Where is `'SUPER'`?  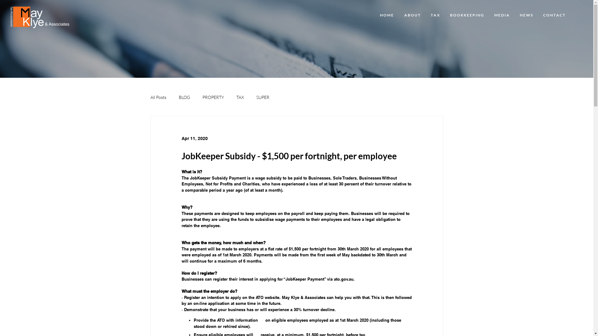
'SUPER' is located at coordinates (263, 97).